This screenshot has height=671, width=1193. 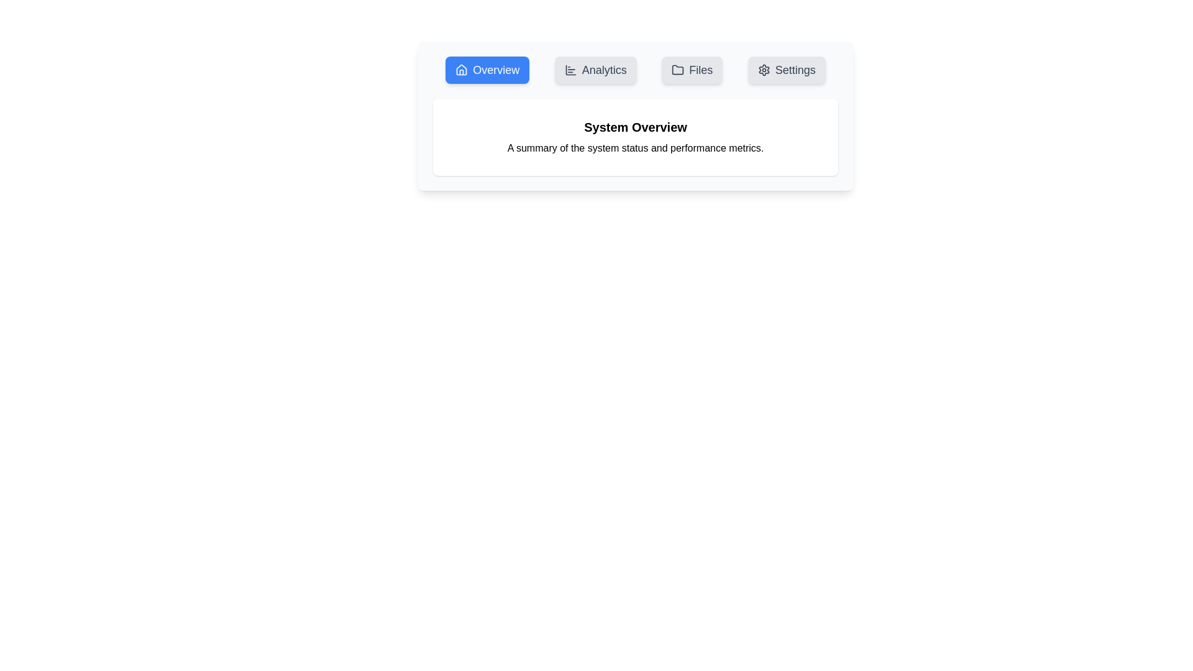 I want to click on the charting or analytics graphical icon located in the toolbar section, so click(x=570, y=70).